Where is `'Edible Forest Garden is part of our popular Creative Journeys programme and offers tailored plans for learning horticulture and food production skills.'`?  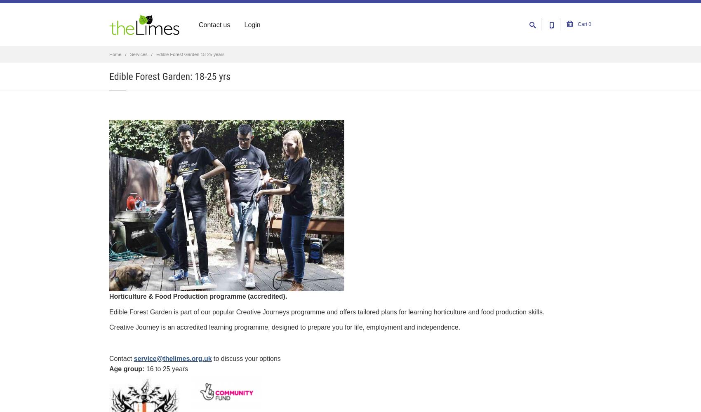
'Edible Forest Garden is part of our popular Creative Journeys programme and offers tailored plans for learning horticulture and food production skills.' is located at coordinates (326, 311).